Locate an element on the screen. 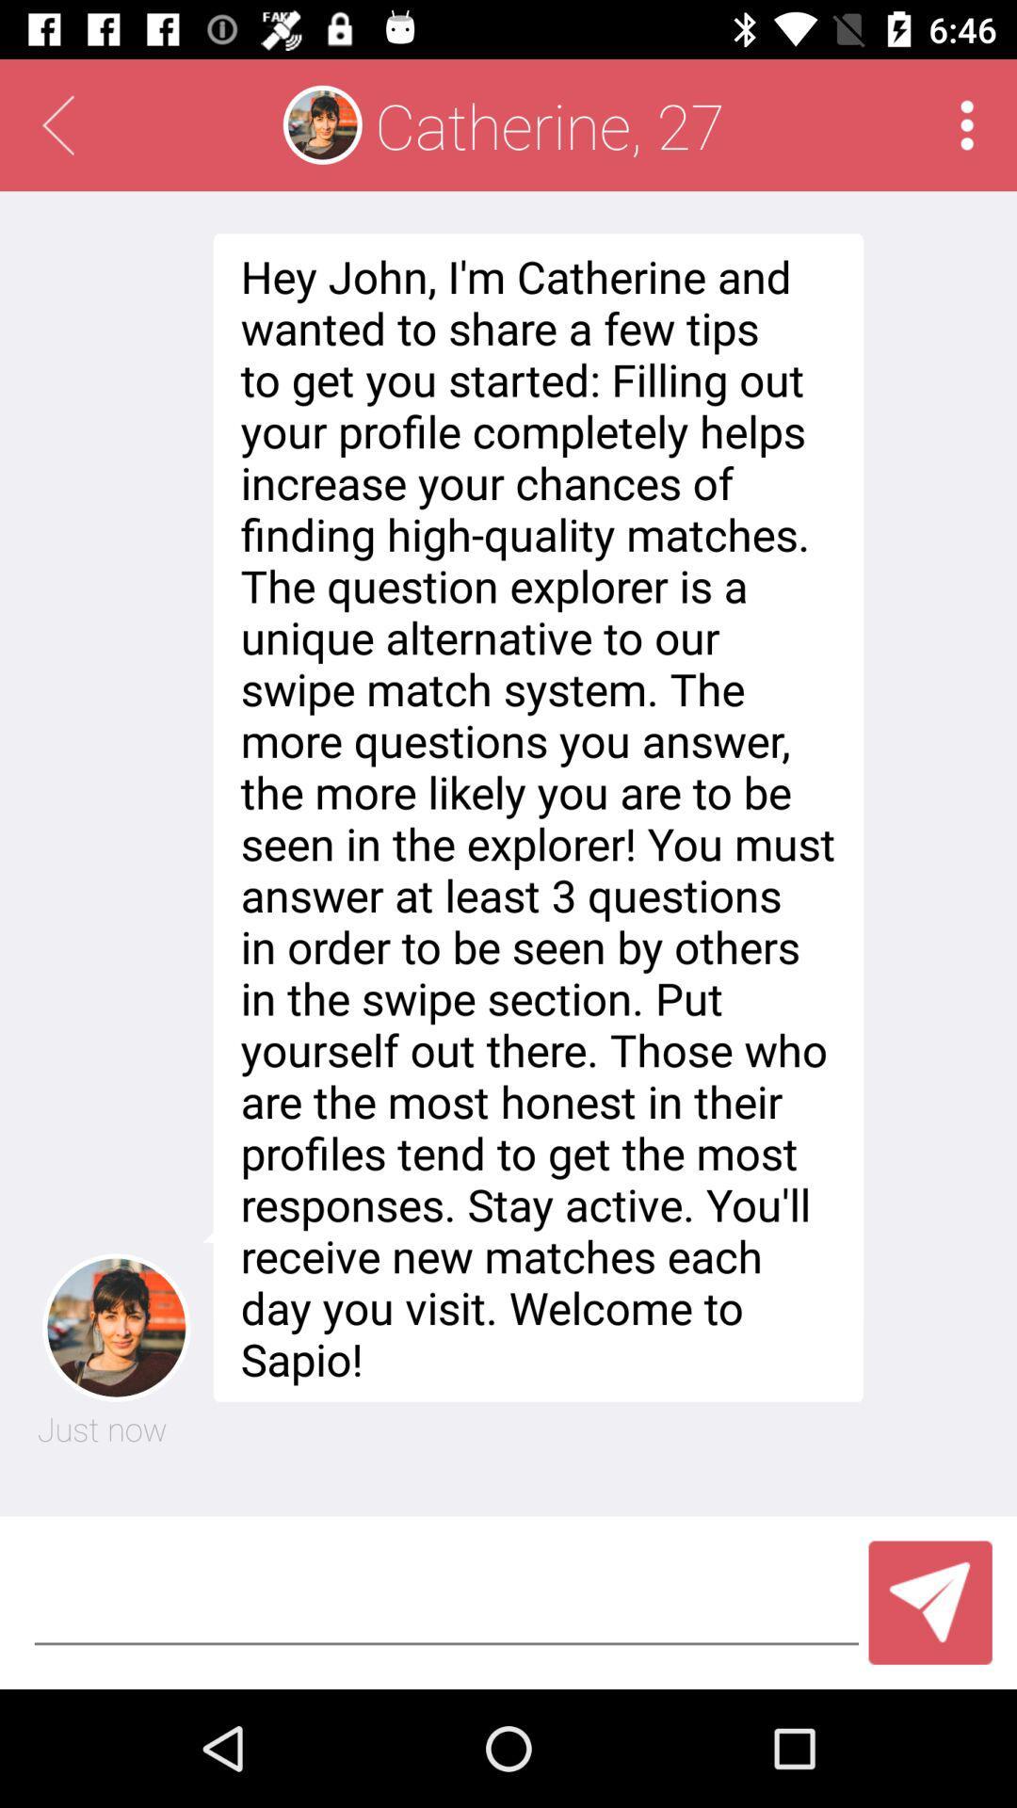 Image resolution: width=1017 pixels, height=1808 pixels. message box is located at coordinates (446, 1602).